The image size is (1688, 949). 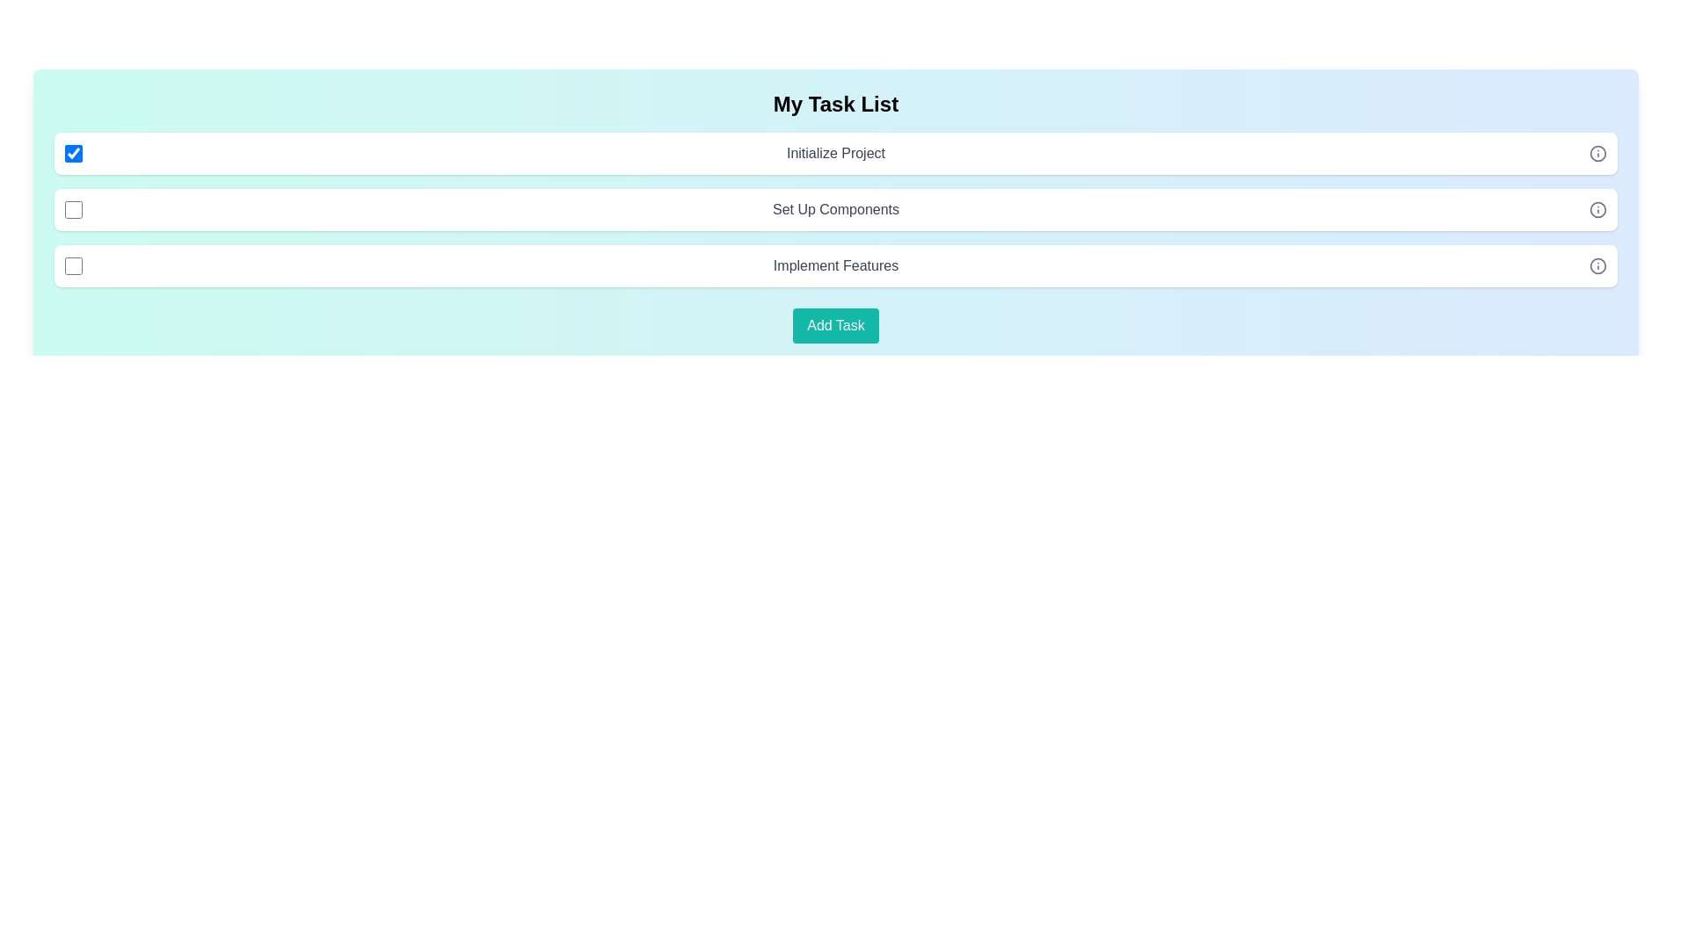 What do you see at coordinates (1598, 152) in the screenshot?
I see `information icon next to the task labeled 'Initialize Project'` at bounding box center [1598, 152].